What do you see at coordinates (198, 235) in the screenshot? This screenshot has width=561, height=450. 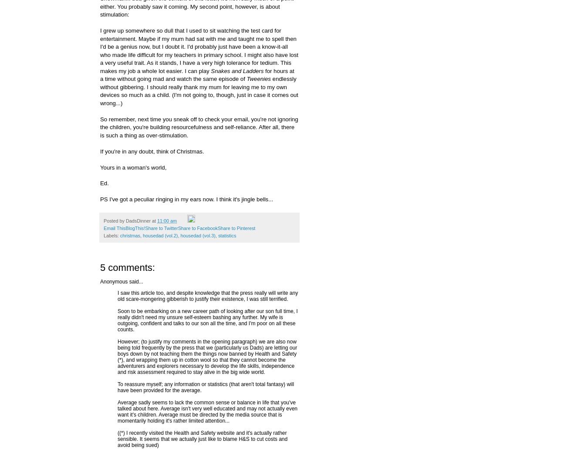 I see `'housedad (vol.3)'` at bounding box center [198, 235].